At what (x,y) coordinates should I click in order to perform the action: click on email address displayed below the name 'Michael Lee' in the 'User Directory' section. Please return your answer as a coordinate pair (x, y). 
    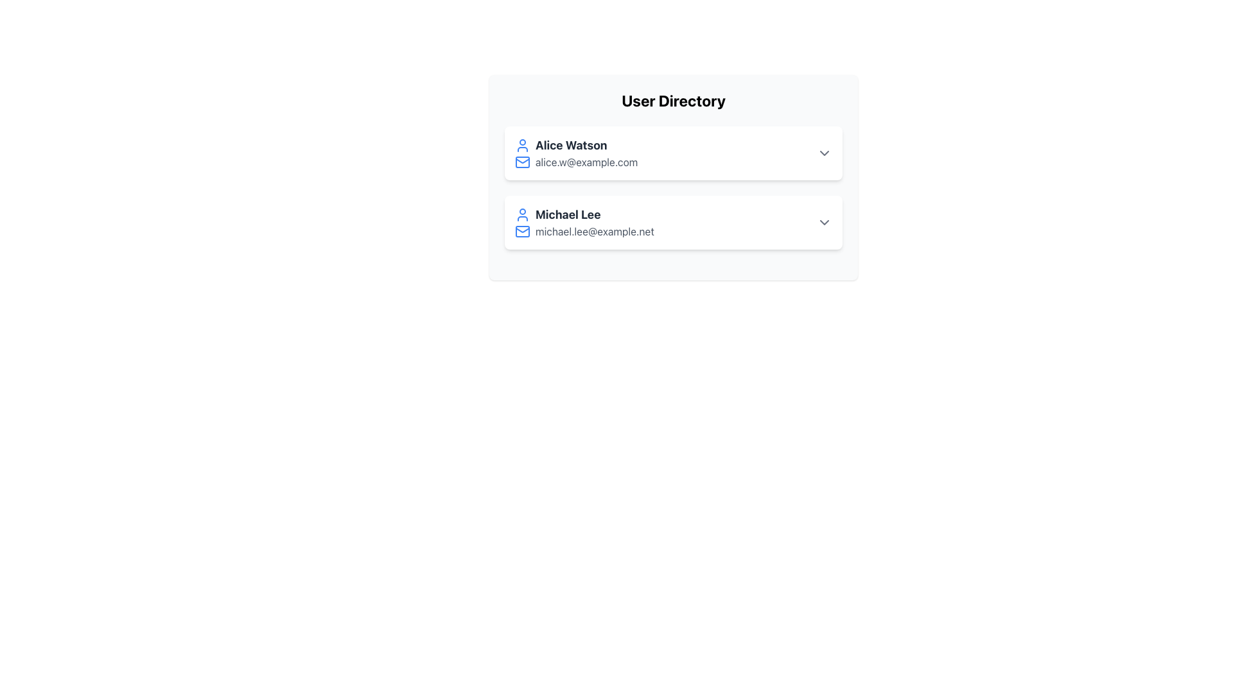
    Looking at the image, I should click on (584, 232).